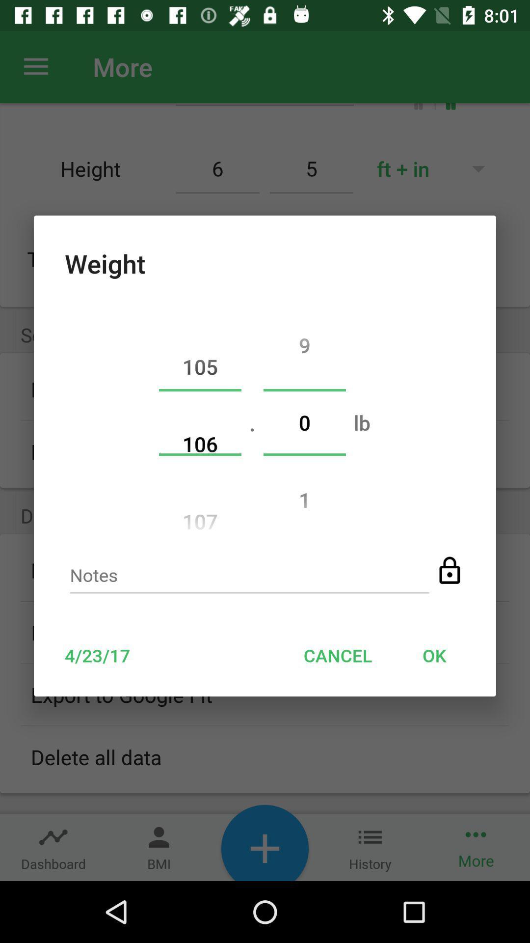  What do you see at coordinates (249, 578) in the screenshot?
I see `type notes` at bounding box center [249, 578].